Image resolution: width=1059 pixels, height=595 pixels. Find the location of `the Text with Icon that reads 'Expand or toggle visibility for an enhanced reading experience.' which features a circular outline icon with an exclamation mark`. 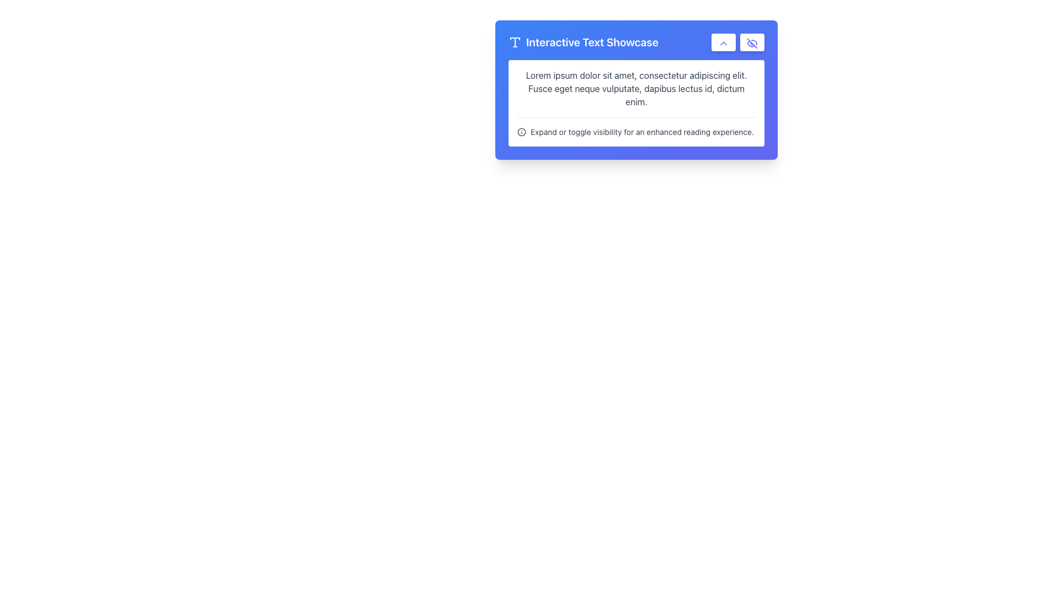

the Text with Icon that reads 'Expand or toggle visibility for an enhanced reading experience.' which features a circular outline icon with an exclamation mark is located at coordinates (636, 127).